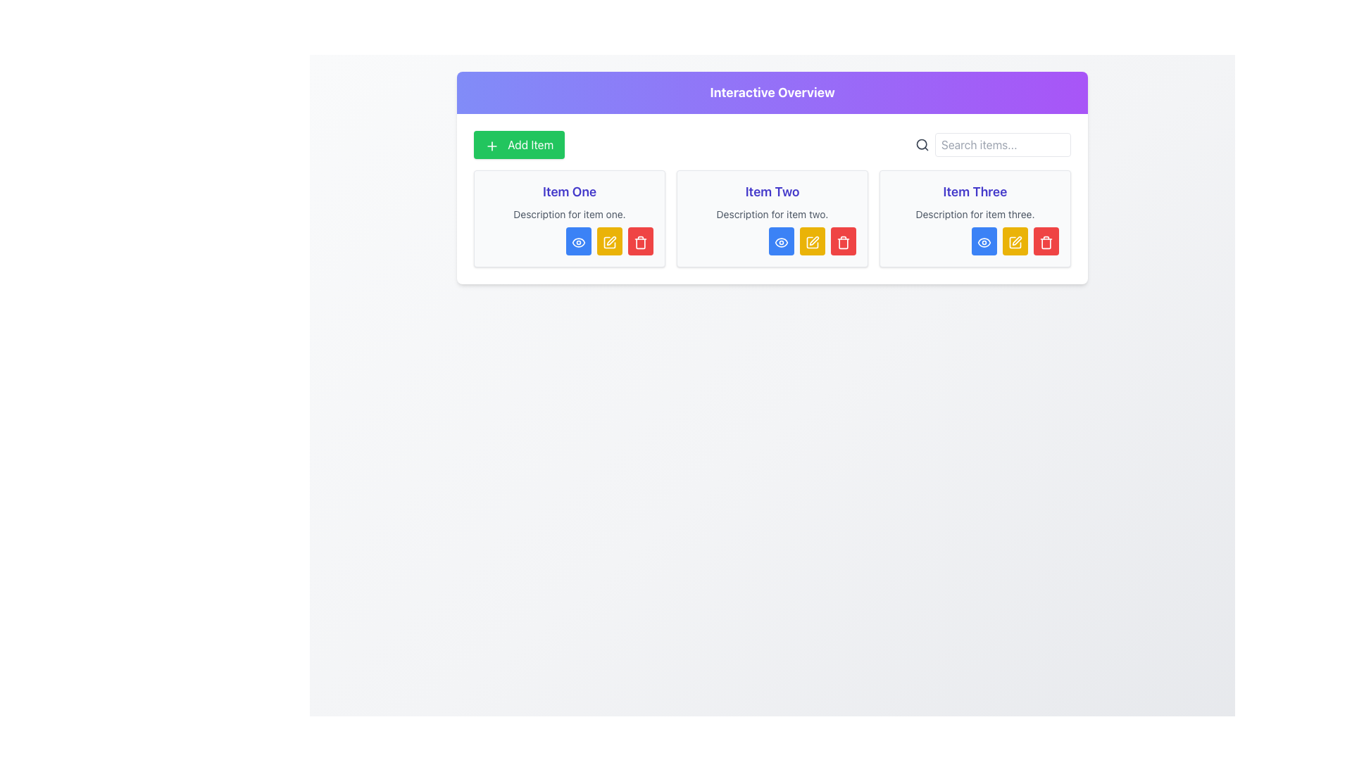 The image size is (1352, 760). What do you see at coordinates (975, 192) in the screenshot?
I see `the title of the third item card, which is styled as a heading and serves as a clear label for the content within the card` at bounding box center [975, 192].